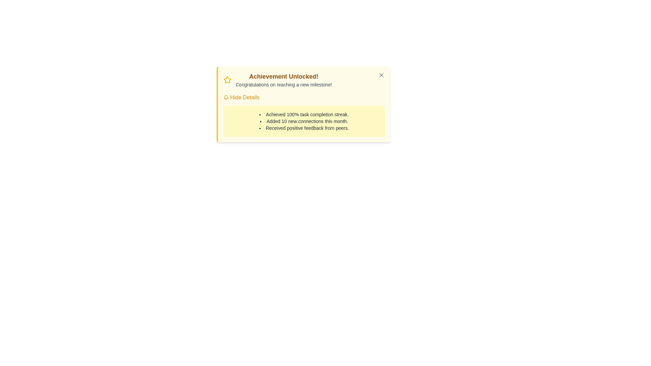 This screenshot has height=366, width=651. What do you see at coordinates (304, 121) in the screenshot?
I see `text element that displays 'Added 10 new connections this month.' which is the second item in the achievements list under the section titled 'Achievement Unlocked!'` at bounding box center [304, 121].